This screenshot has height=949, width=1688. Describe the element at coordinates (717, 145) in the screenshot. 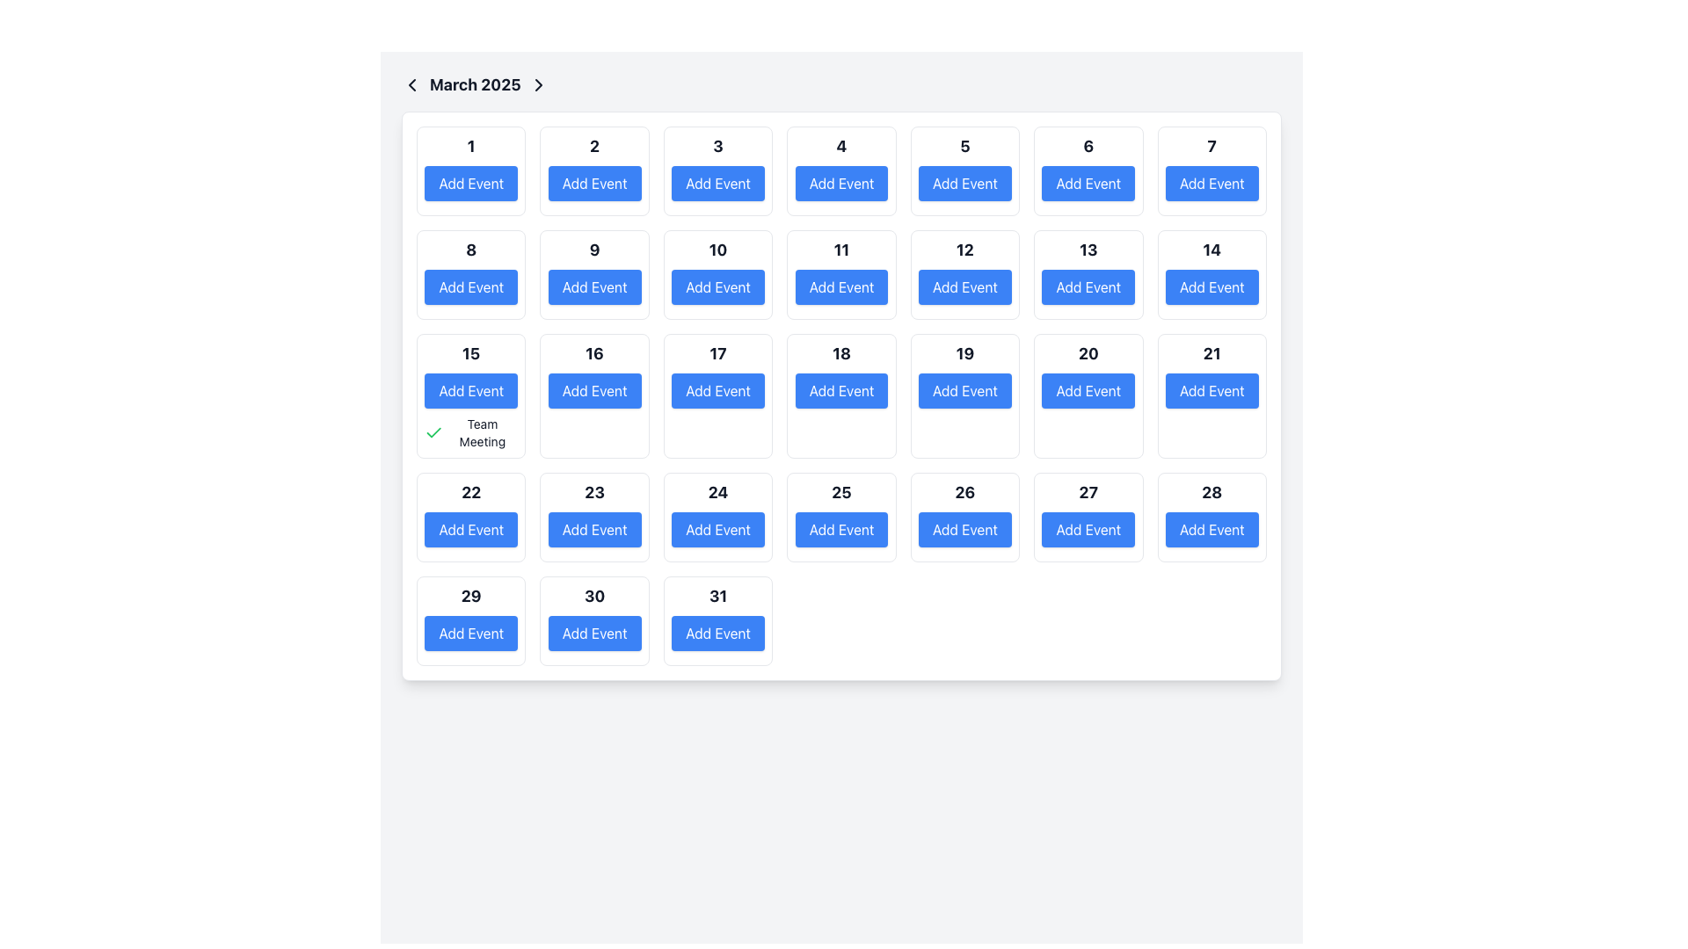

I see `the bold number '3' in the calendar grid under March 2025, representing the third day of the month` at that location.